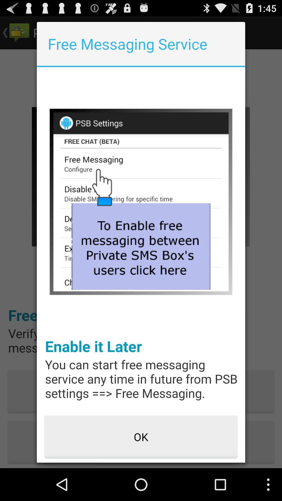  I want to click on app below the you can start icon, so click(141, 437).